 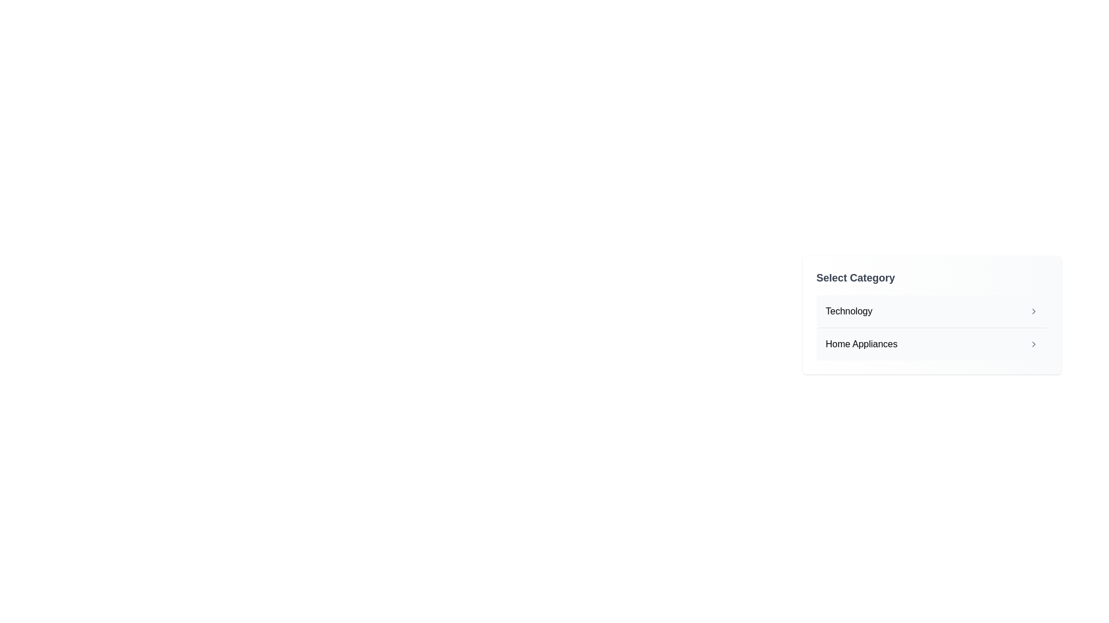 I want to click on the right-pointing arrow icon used for expandable options next to 'Home Appliances' in the 'Select Category' list, so click(x=1033, y=344).